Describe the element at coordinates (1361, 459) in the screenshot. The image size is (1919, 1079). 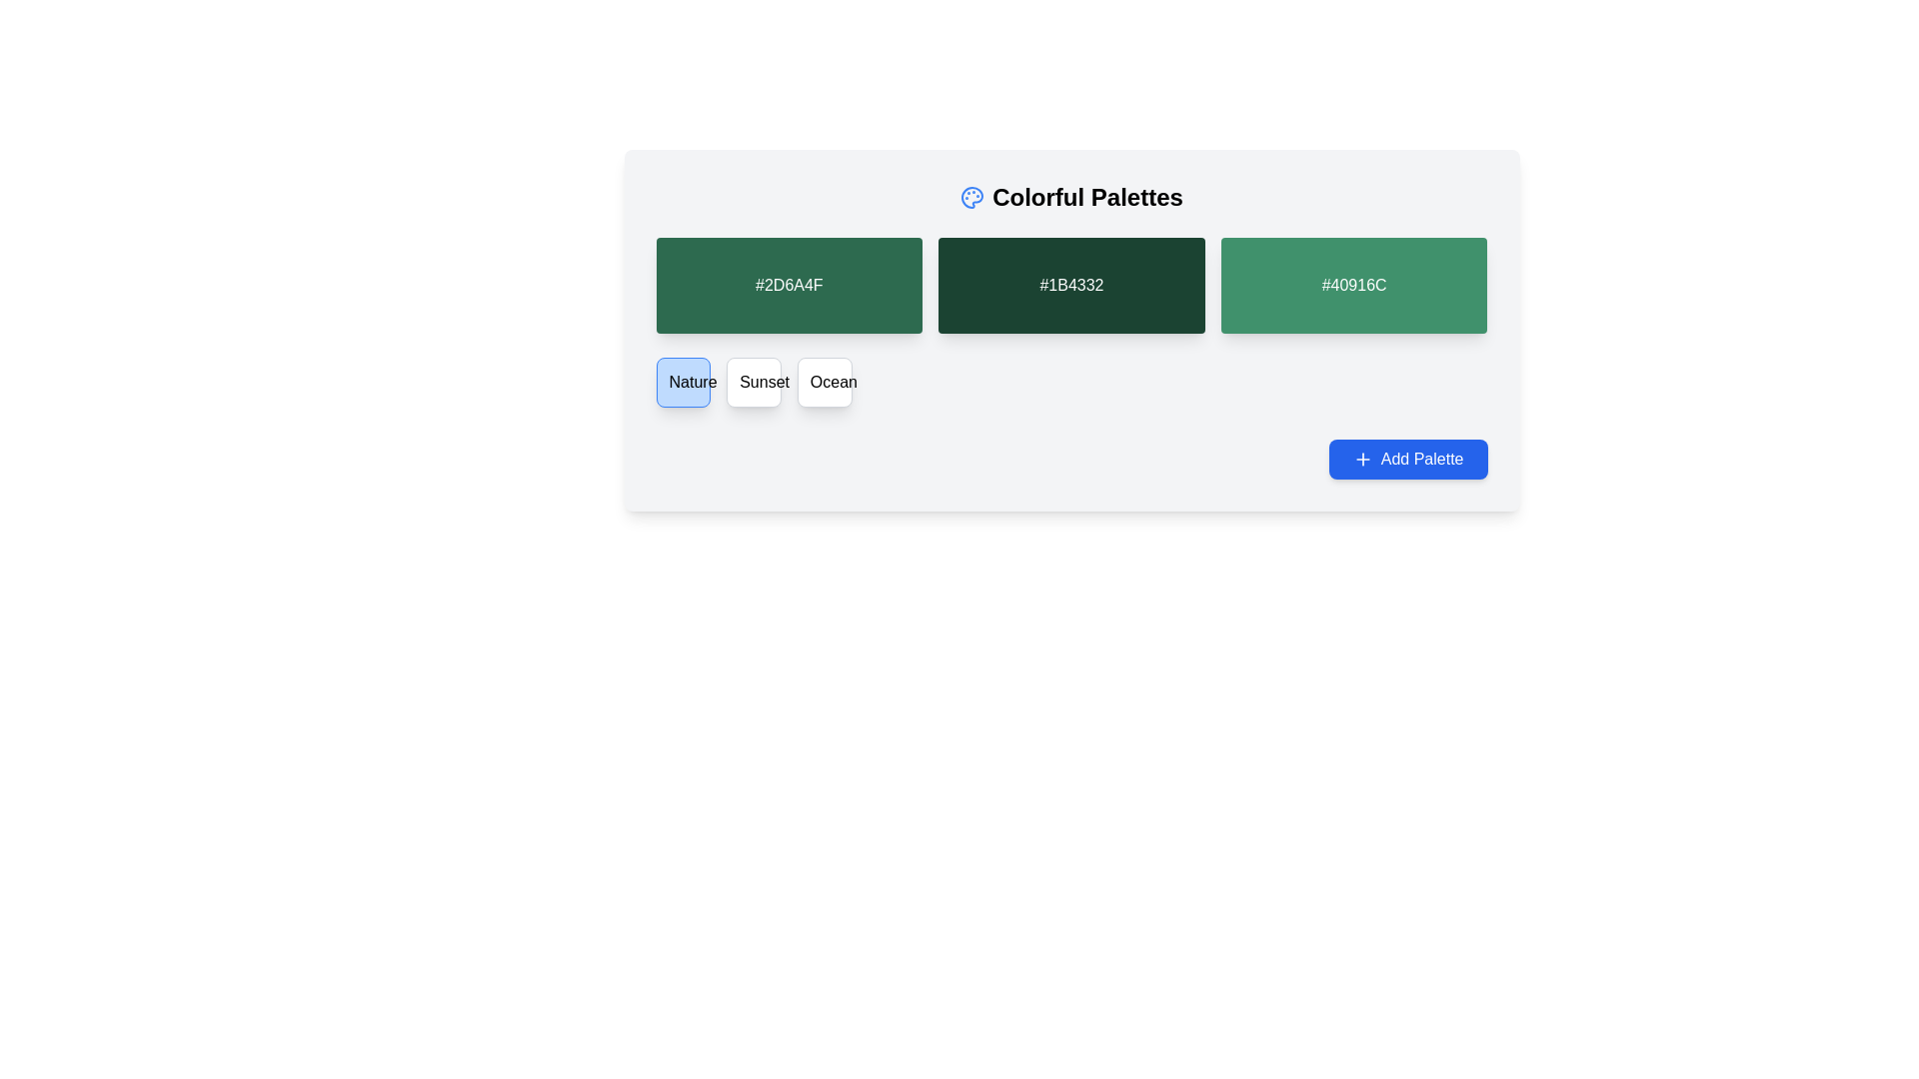
I see `the SVG icon that indicates adding a new palette, located inside the 'Add Palette' button in the bottom right corner of the interface` at that location.